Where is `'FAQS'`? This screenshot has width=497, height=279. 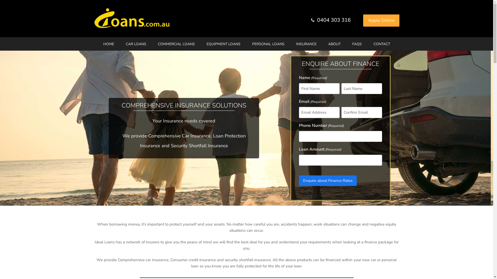 'FAQS' is located at coordinates (356, 43).